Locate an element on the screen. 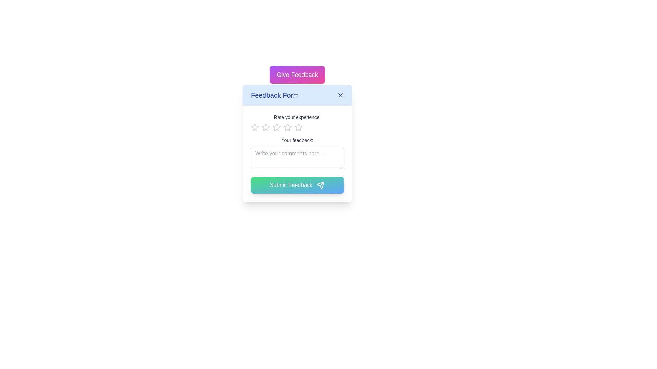 The image size is (657, 369). the text label that guides the user to provide feedback, positioned below the 'Rate your experience:' label and above the input field labeled 'Write your comments here...' is located at coordinates (297, 140).